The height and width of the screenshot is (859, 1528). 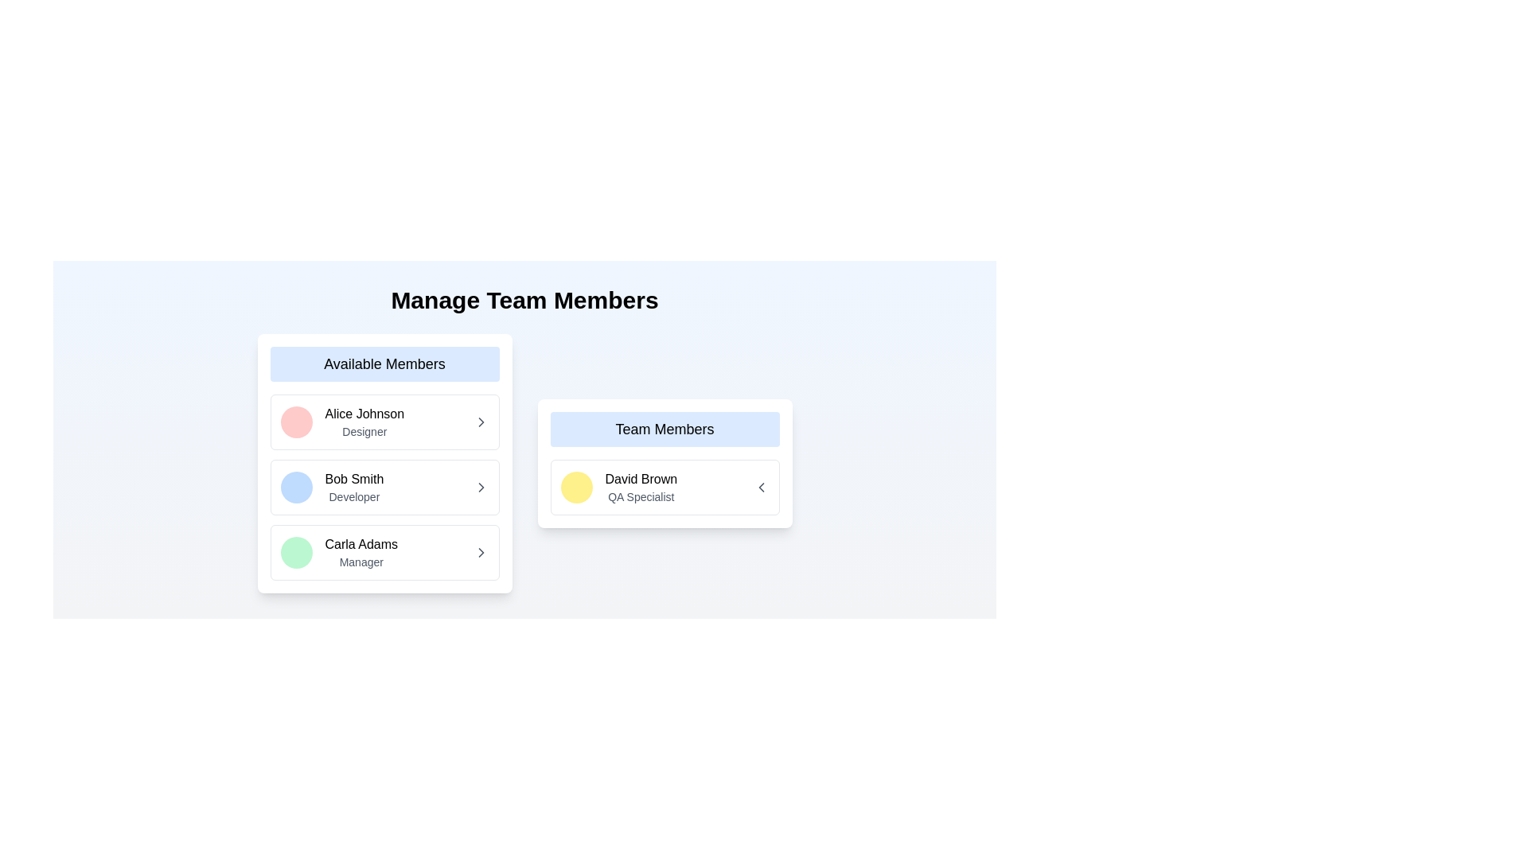 What do you see at coordinates (361, 561) in the screenshot?
I see `text label indicating the role 'Manager' of the member 'Carla Adams' in the 'Available Members' list` at bounding box center [361, 561].